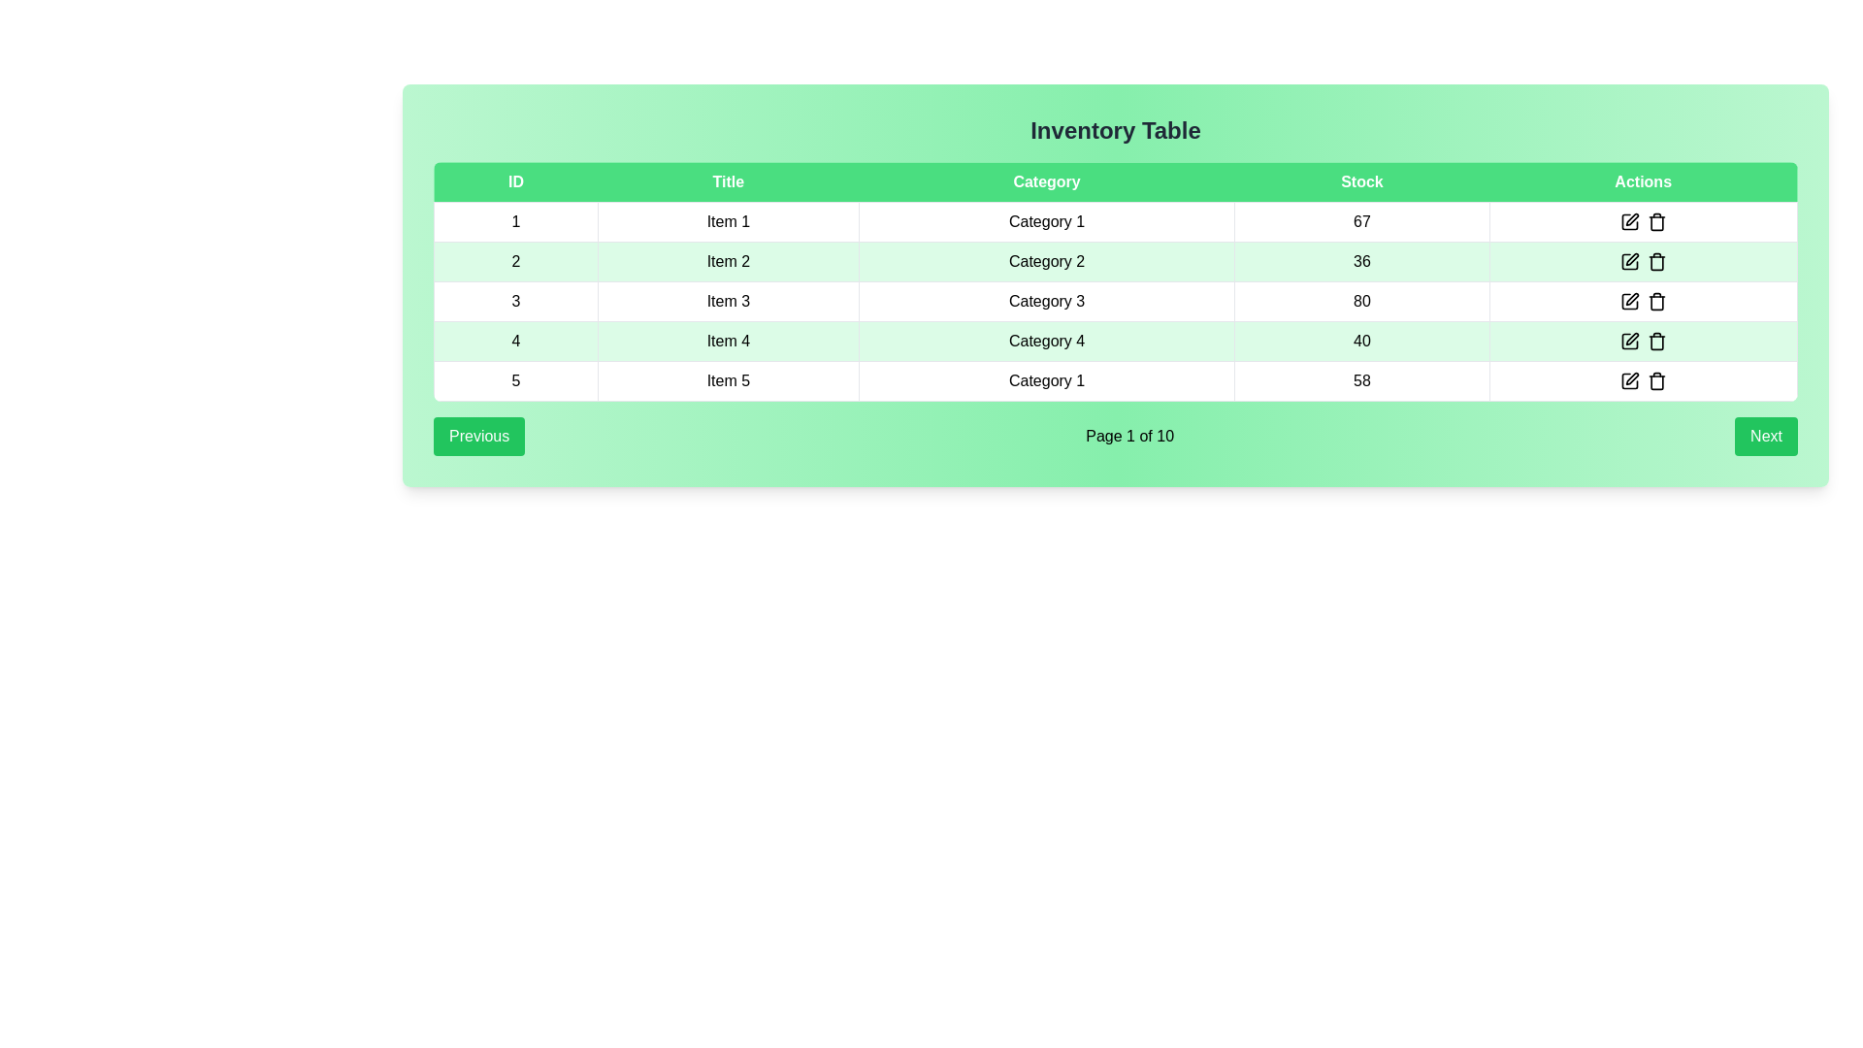  What do you see at coordinates (1656, 220) in the screenshot?
I see `the trash can icon button located in the 'Actions' column of the first row of the table` at bounding box center [1656, 220].